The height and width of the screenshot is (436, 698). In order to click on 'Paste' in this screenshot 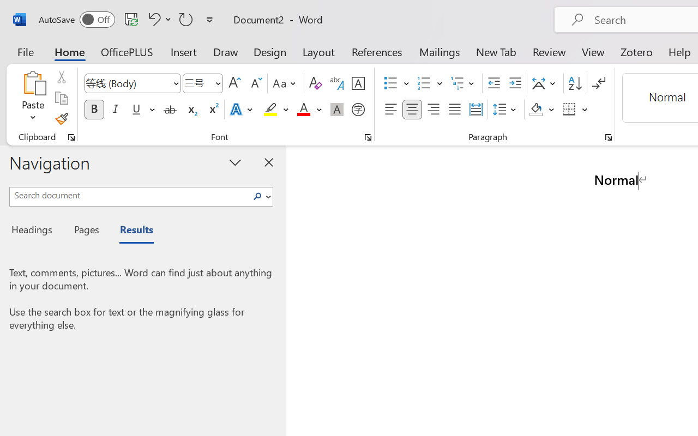, I will do `click(33, 82)`.